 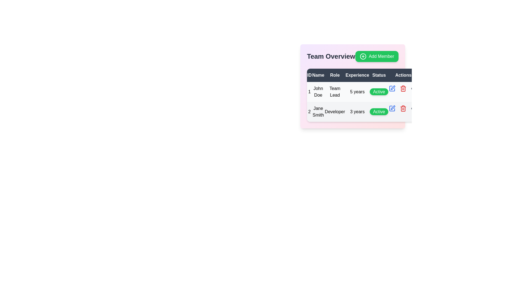 What do you see at coordinates (331, 56) in the screenshot?
I see `the Text Label that serves as a heading for the interface section, indicating the content is related to an overview of the team` at bounding box center [331, 56].